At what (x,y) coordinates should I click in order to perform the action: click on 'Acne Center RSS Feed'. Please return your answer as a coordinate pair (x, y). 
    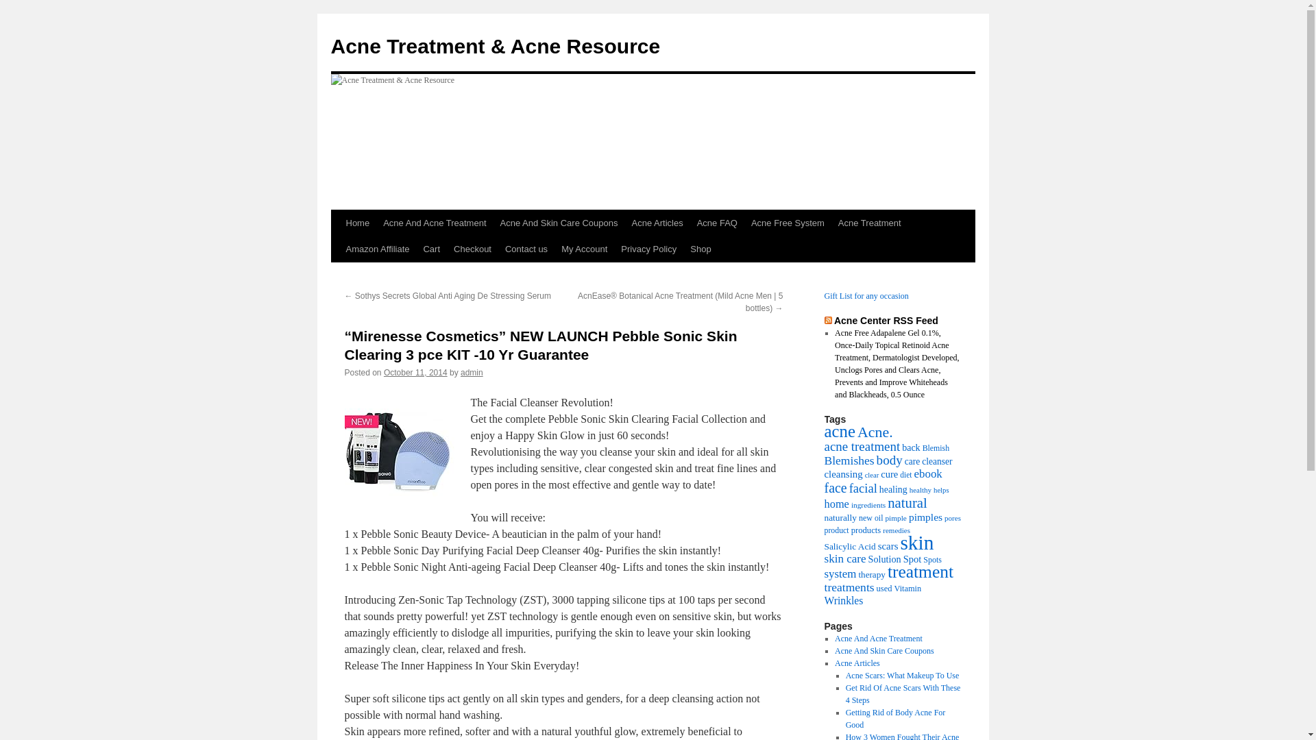
    Looking at the image, I should click on (886, 320).